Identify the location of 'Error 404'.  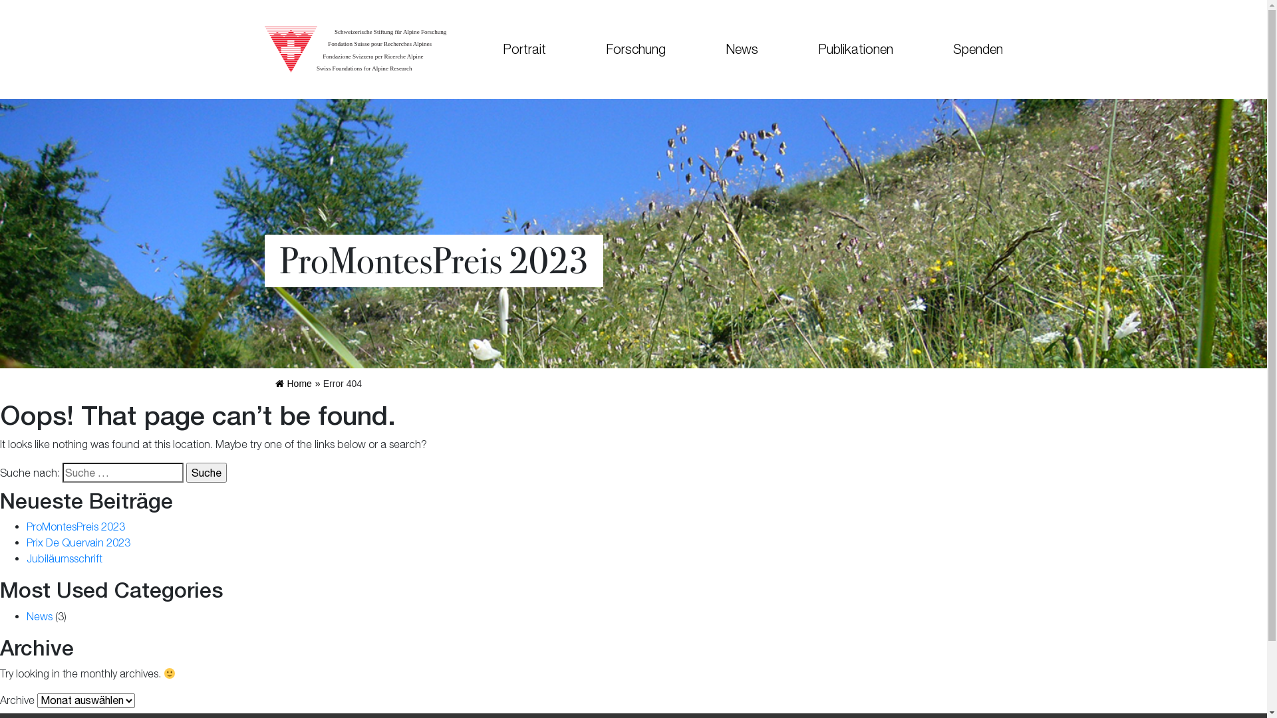
(342, 384).